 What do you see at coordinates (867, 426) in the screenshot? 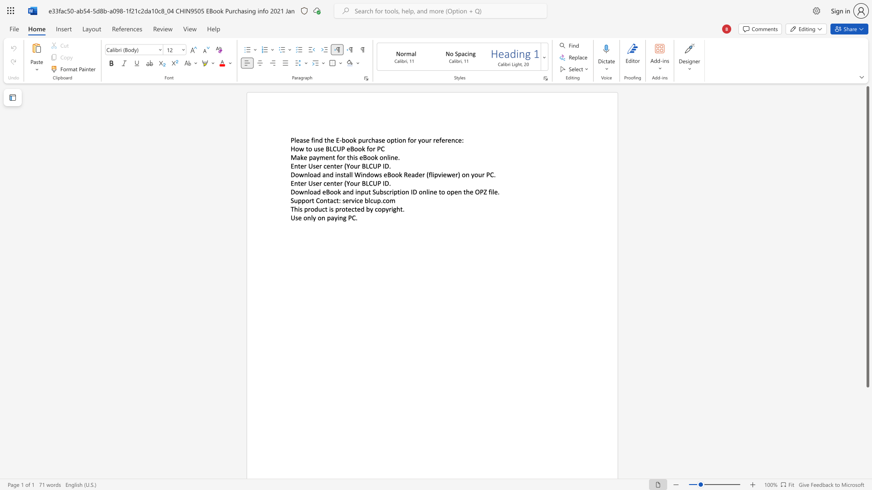
I see `the scrollbar on the right` at bounding box center [867, 426].